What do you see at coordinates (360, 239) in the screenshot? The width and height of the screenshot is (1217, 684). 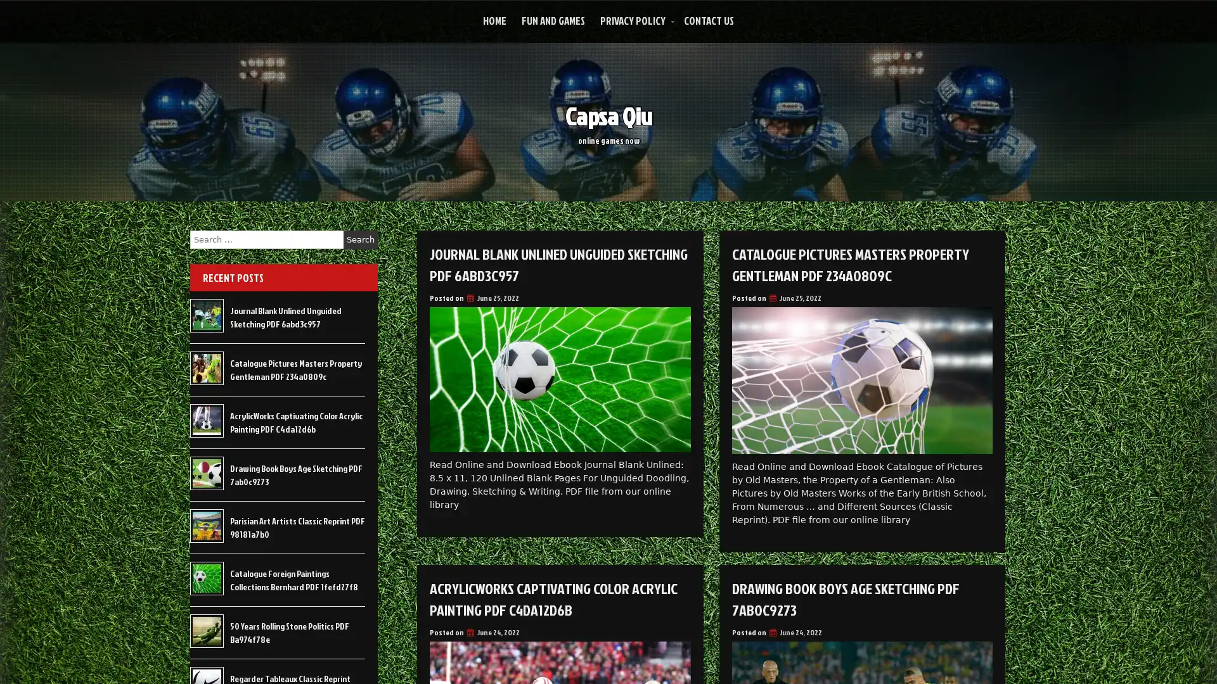 I see `Search` at bounding box center [360, 239].